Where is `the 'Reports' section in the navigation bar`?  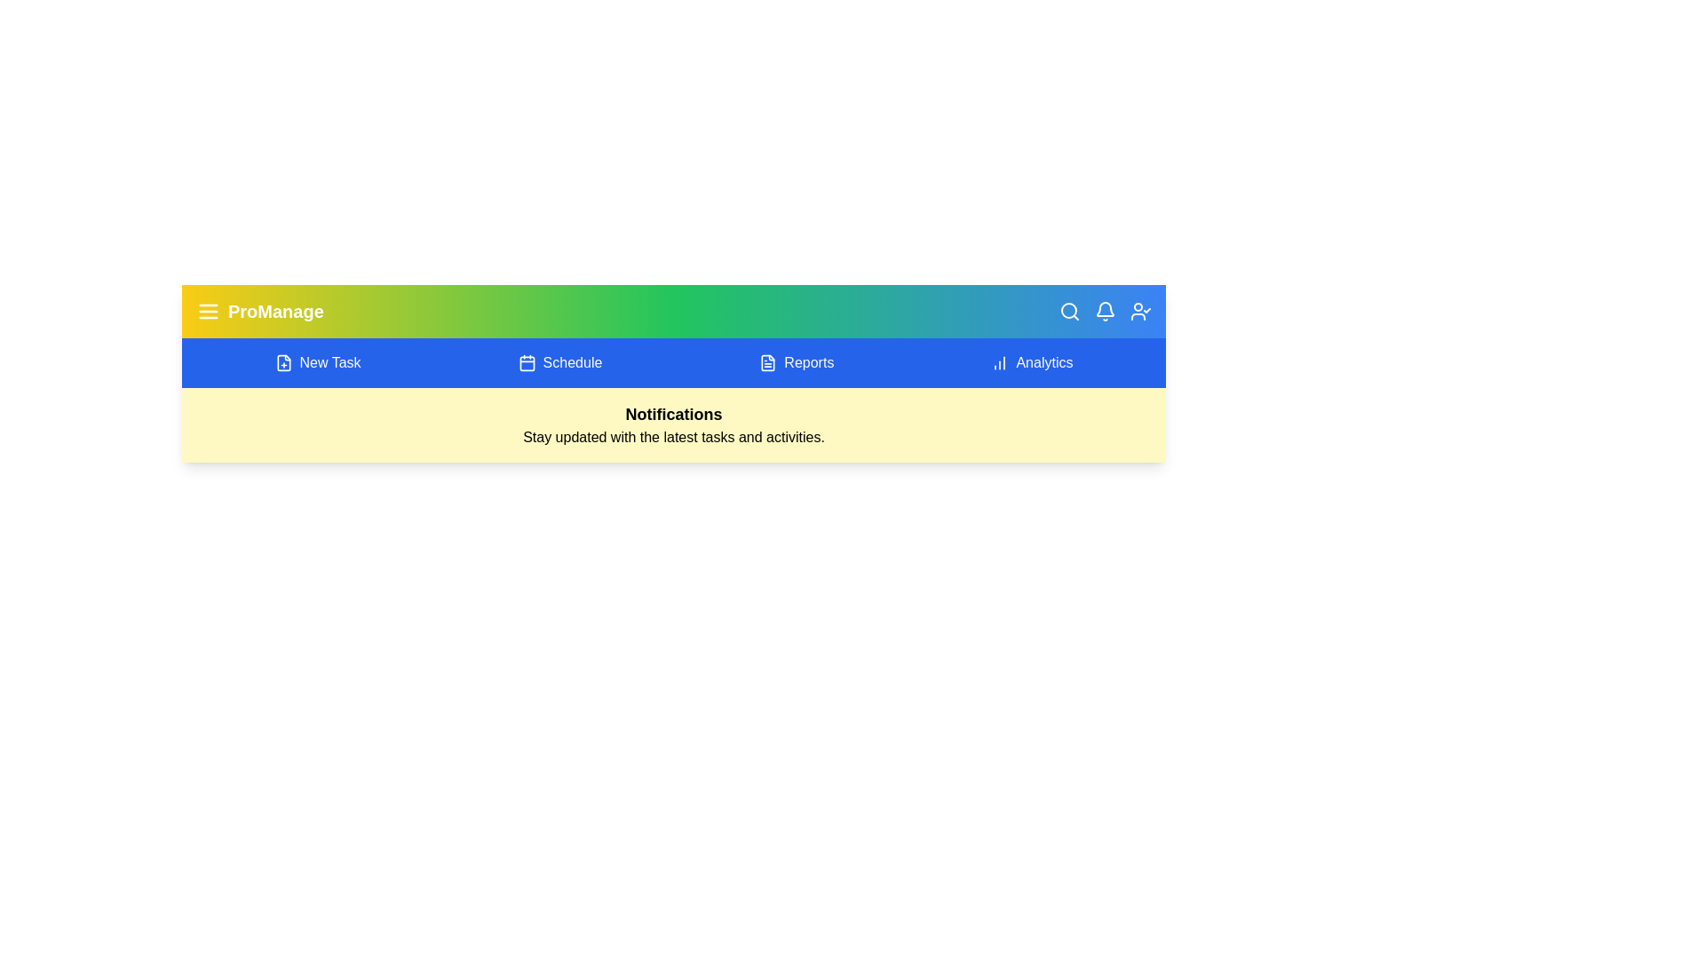
the 'Reports' section in the navigation bar is located at coordinates (796, 361).